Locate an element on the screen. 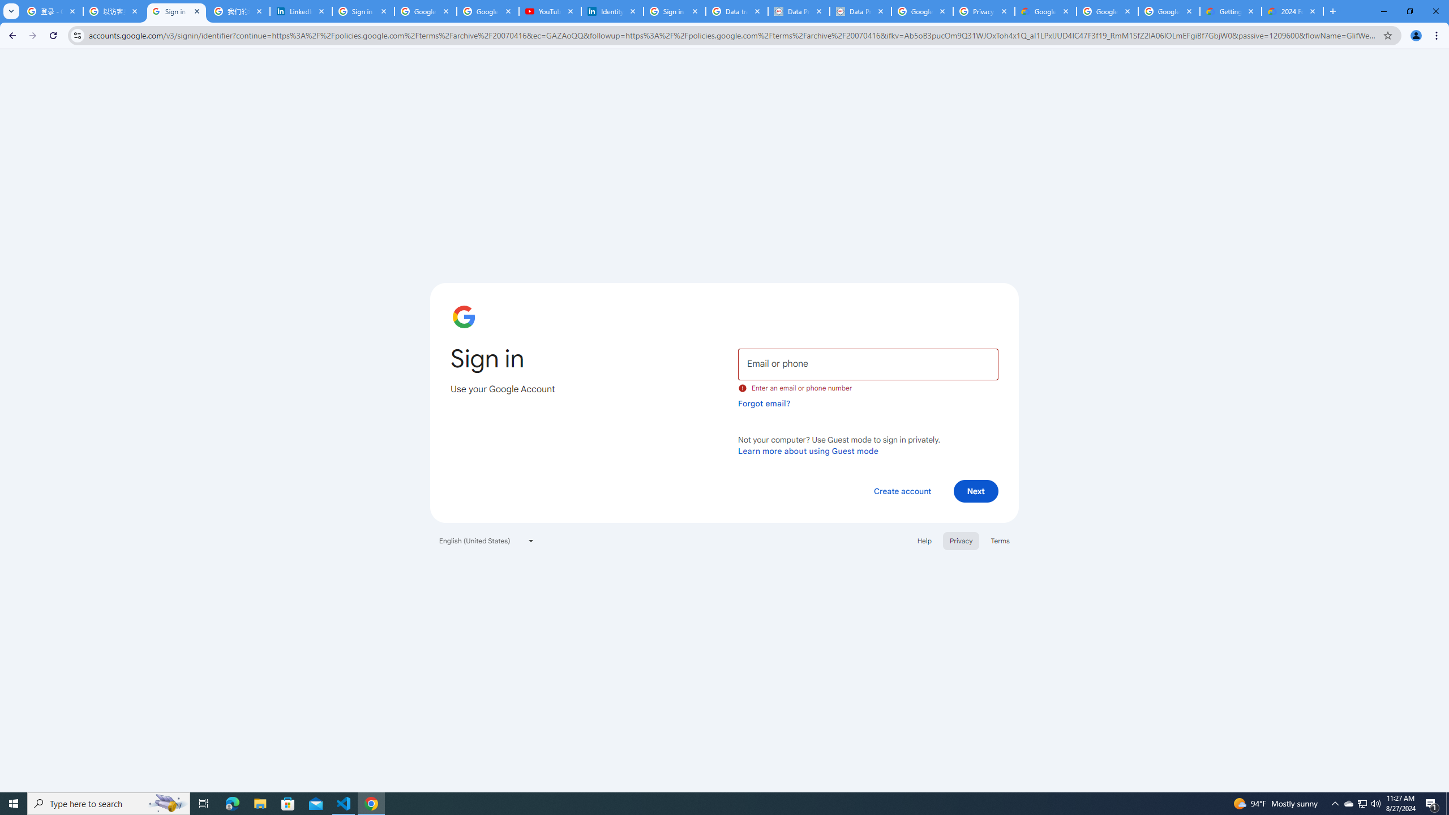  'Email or phone' is located at coordinates (867, 363).